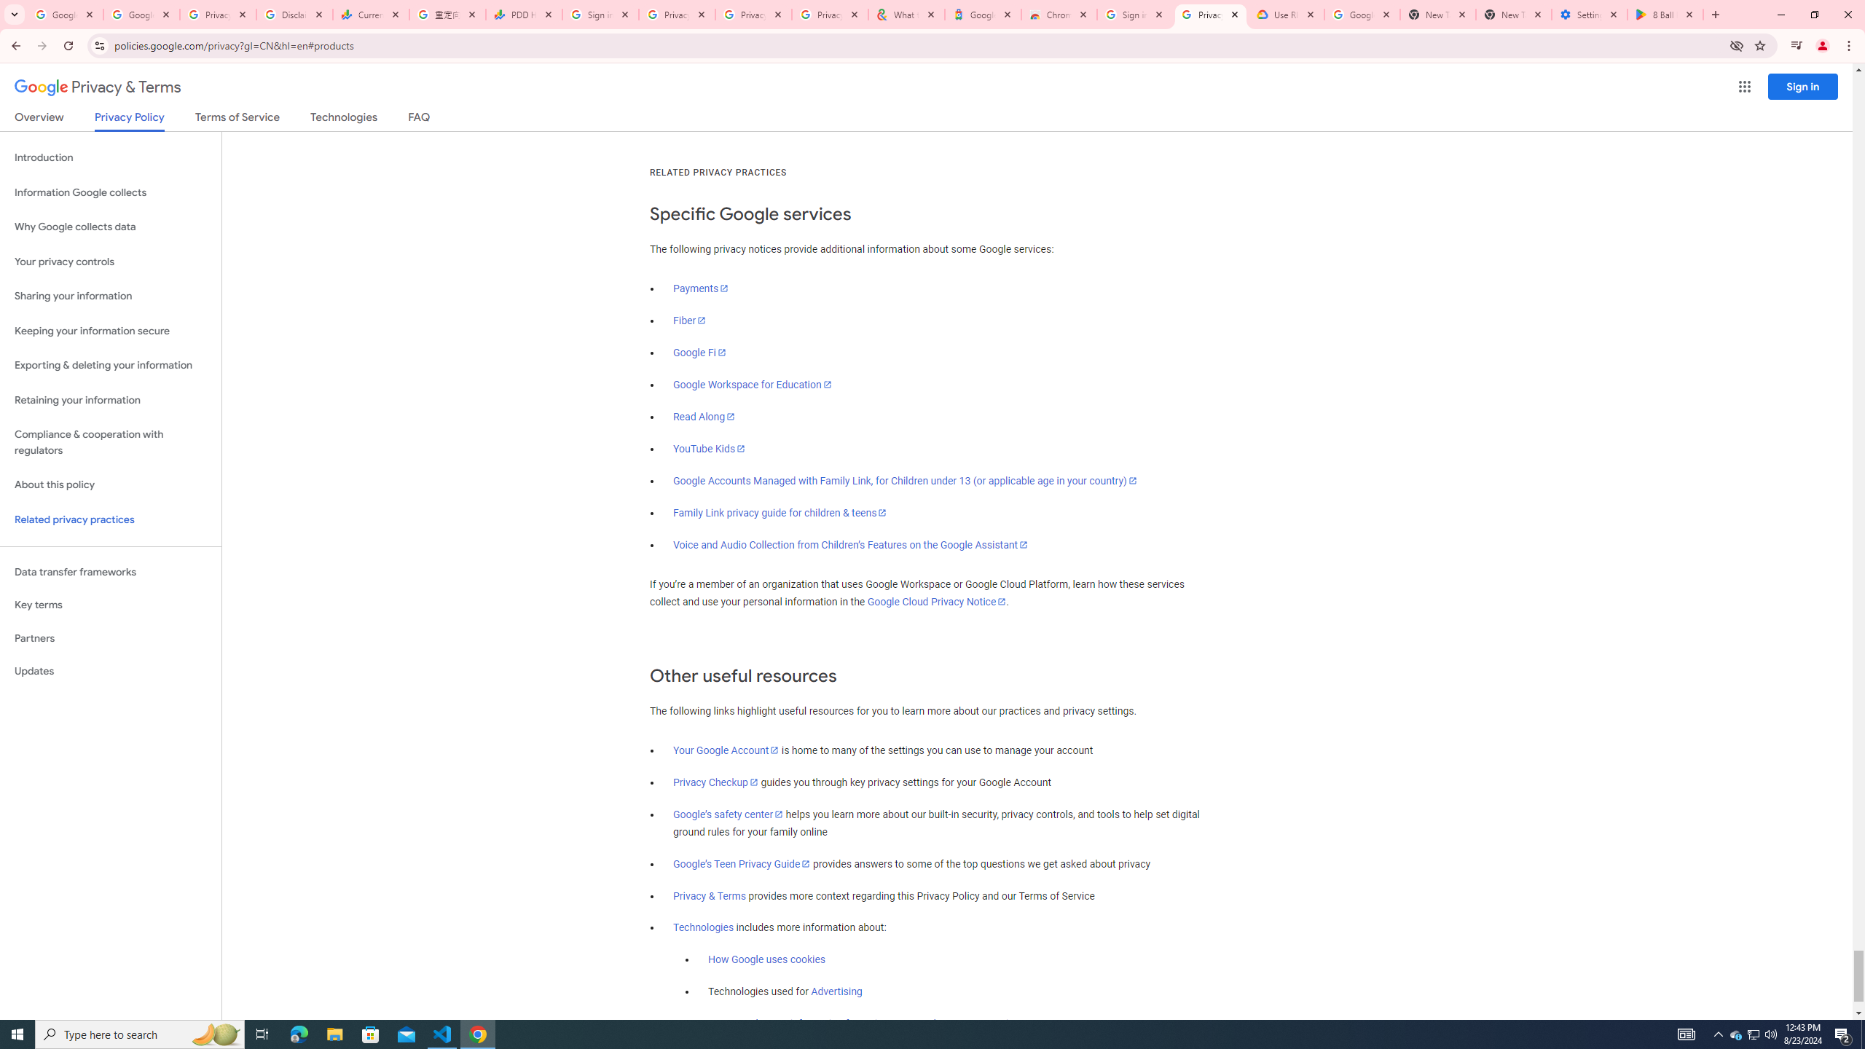  Describe the element at coordinates (936, 600) in the screenshot. I see `'Google Cloud Privacy Notice'` at that location.